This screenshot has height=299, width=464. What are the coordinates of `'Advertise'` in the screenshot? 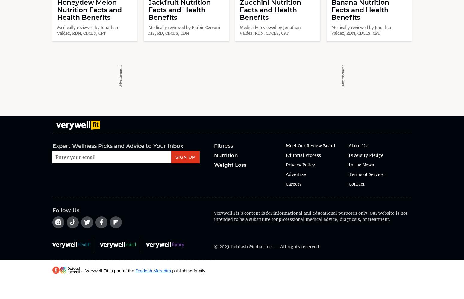 It's located at (295, 174).